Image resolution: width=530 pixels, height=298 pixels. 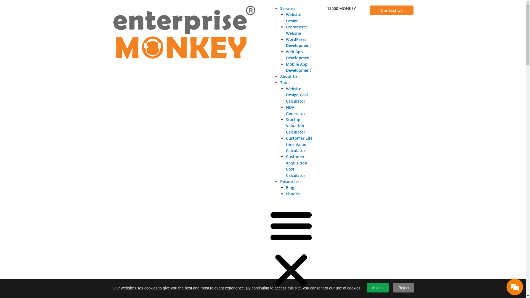 What do you see at coordinates (296, 30) in the screenshot?
I see `'Ecommerce Website'` at bounding box center [296, 30].